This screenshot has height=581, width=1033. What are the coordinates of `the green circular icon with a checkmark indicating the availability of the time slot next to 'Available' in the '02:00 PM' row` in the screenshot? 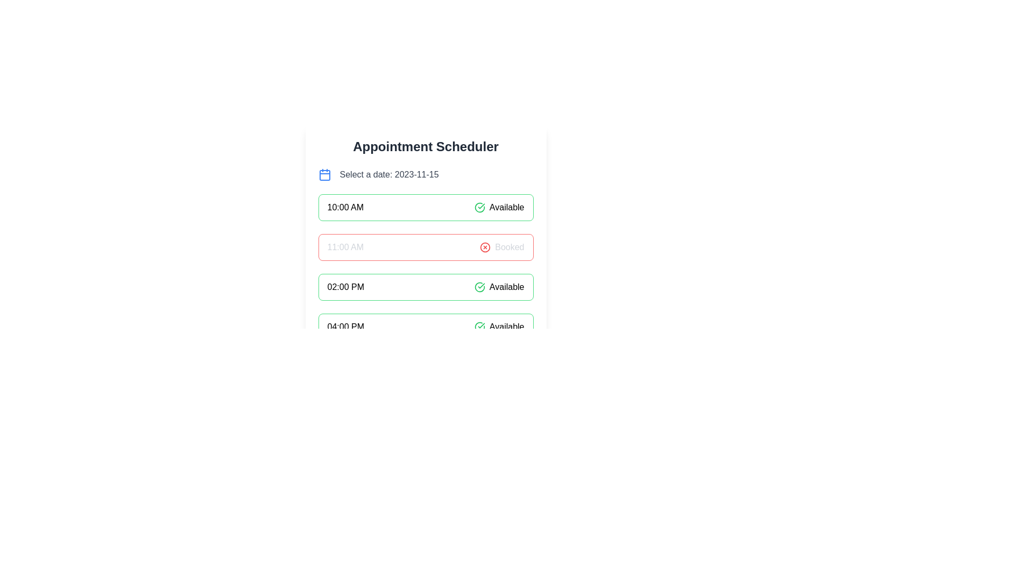 It's located at (479, 207).